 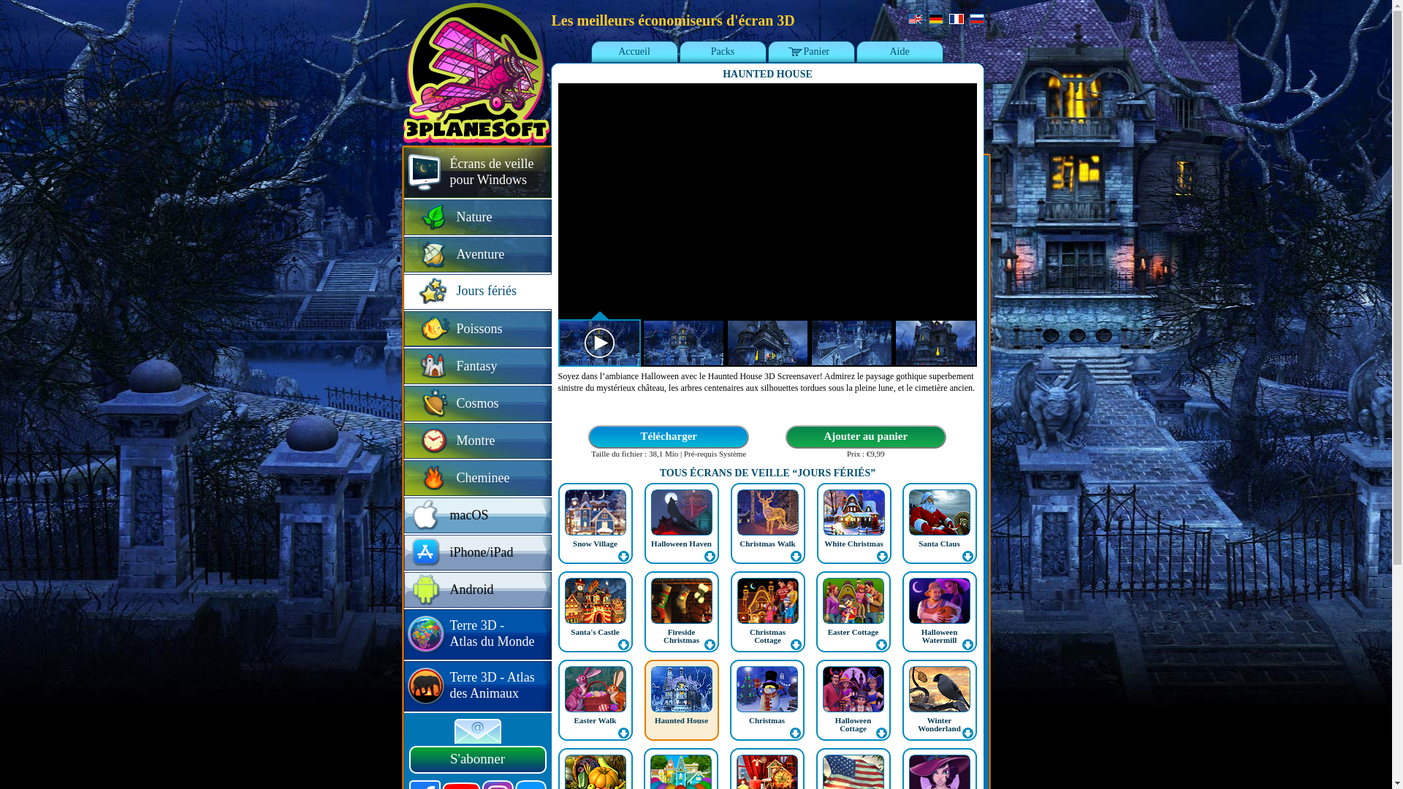 What do you see at coordinates (476, 254) in the screenshot?
I see `'Aventure'` at bounding box center [476, 254].